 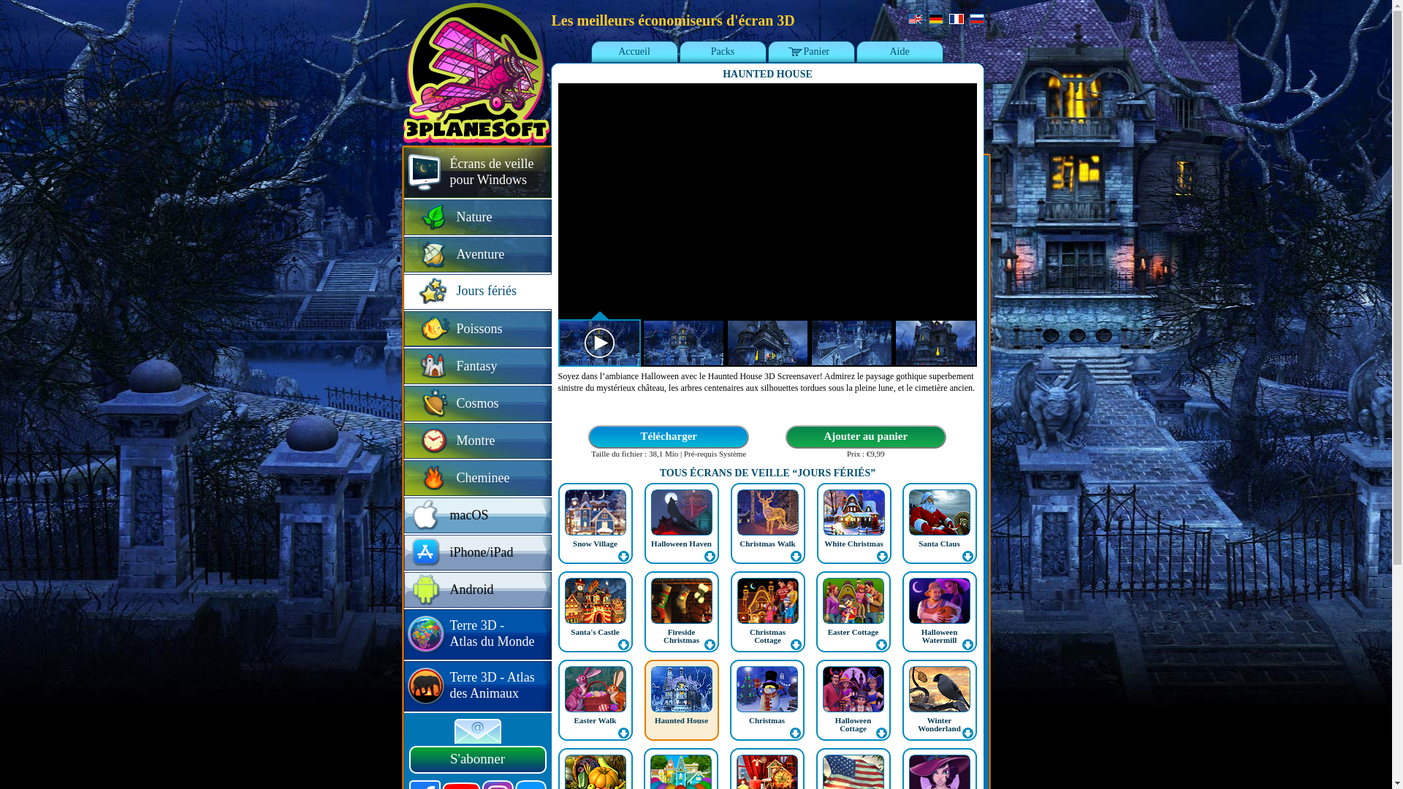 What do you see at coordinates (476, 254) in the screenshot?
I see `'Aventure'` at bounding box center [476, 254].